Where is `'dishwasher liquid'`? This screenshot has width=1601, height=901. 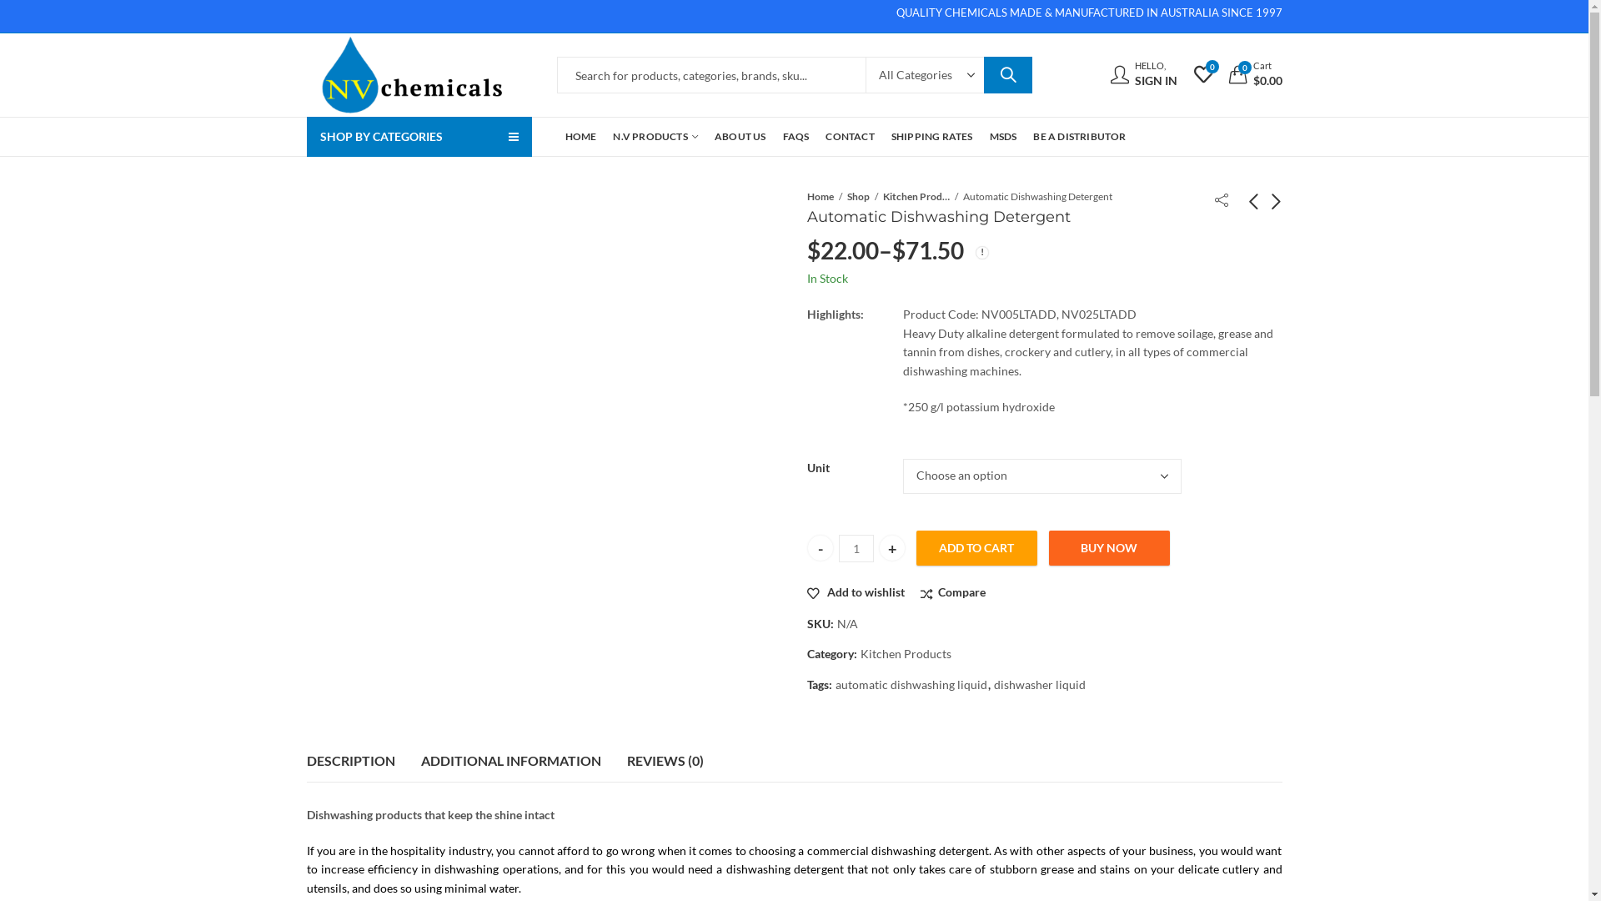 'dishwasher liquid' is located at coordinates (1039, 685).